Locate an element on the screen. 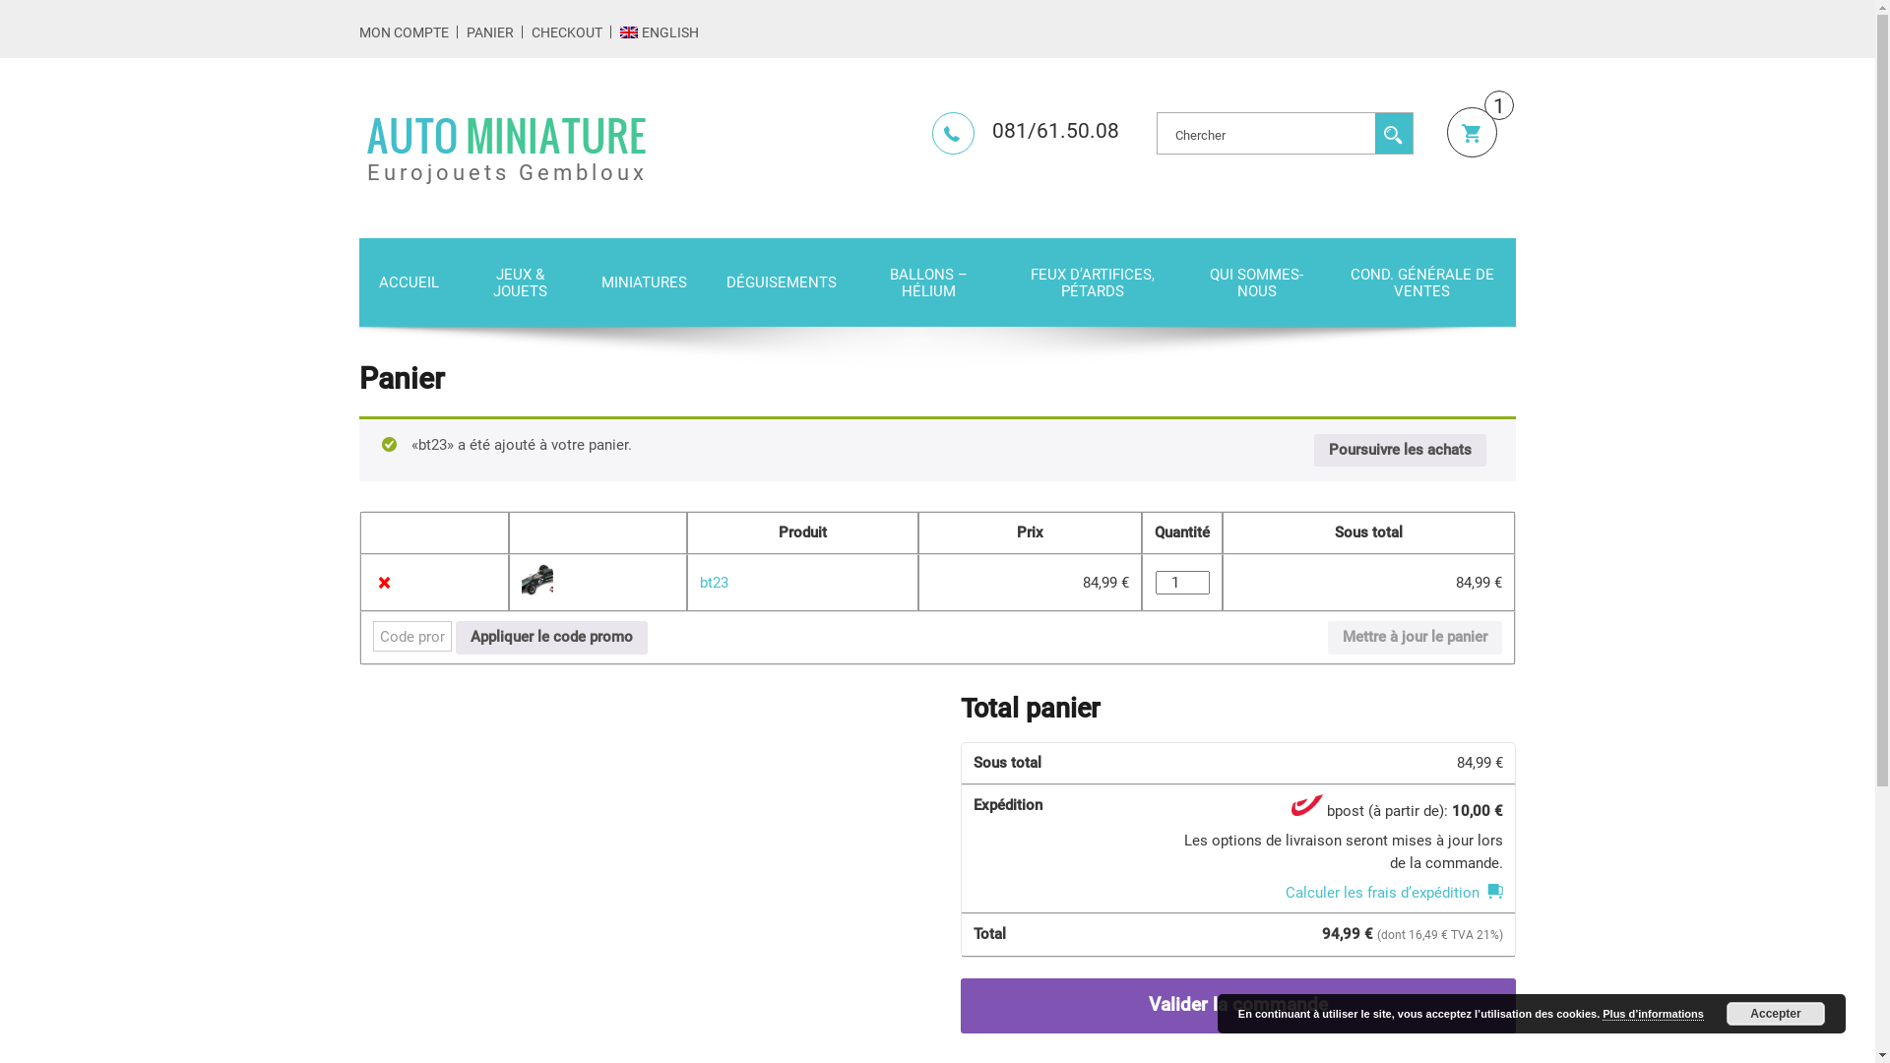 The image size is (1890, 1063). 'Valider la commande' is located at coordinates (1236, 1006).